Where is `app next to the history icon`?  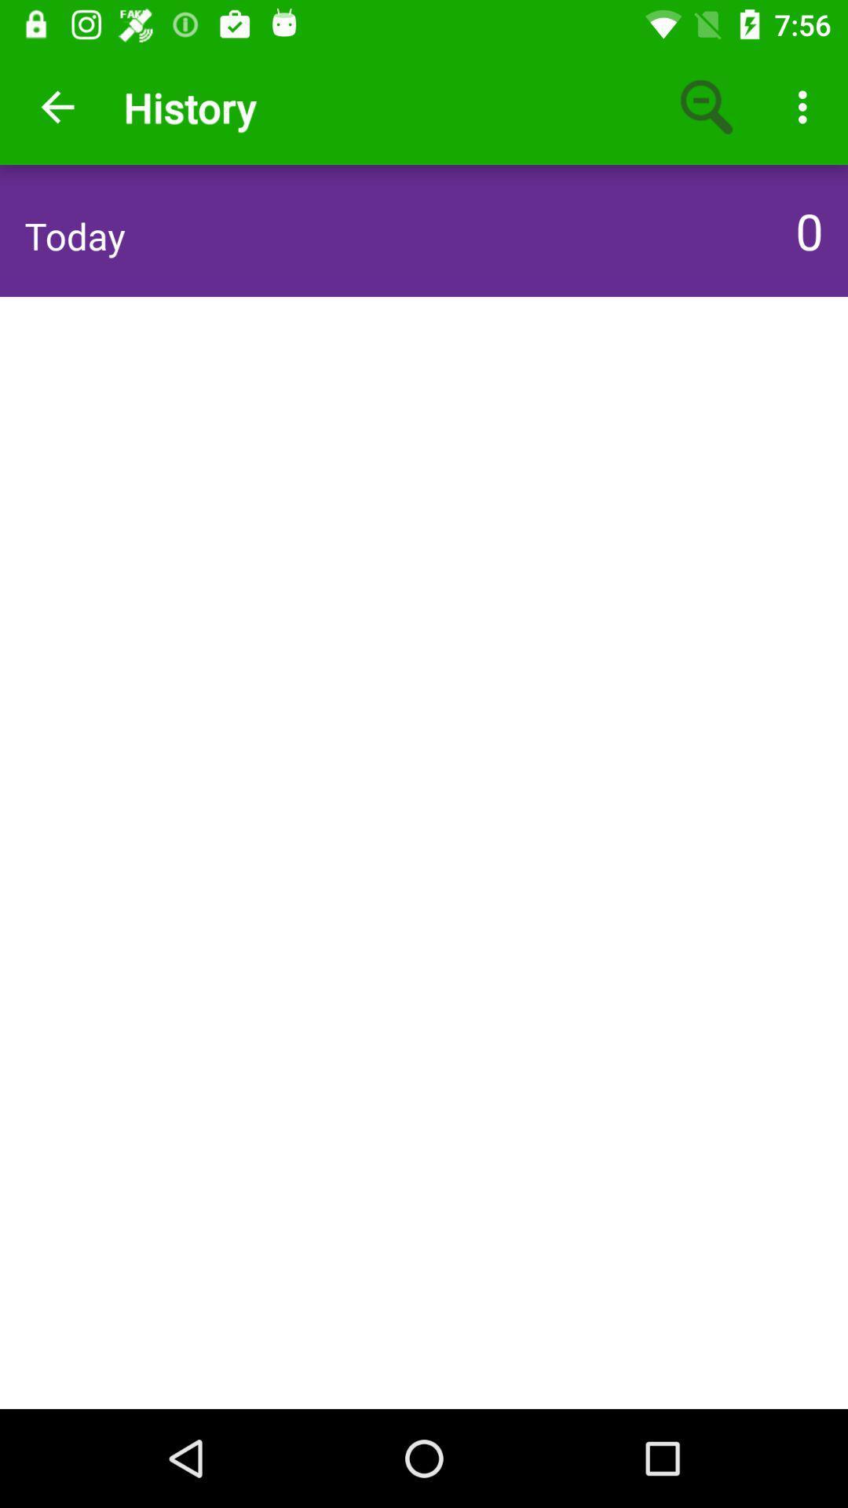 app next to the history icon is located at coordinates (57, 106).